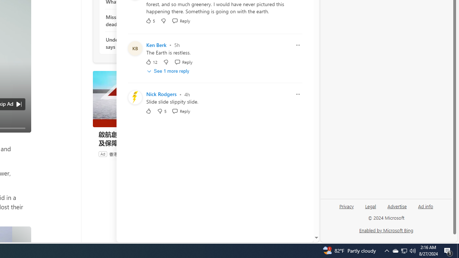  Describe the element at coordinates (298, 94) in the screenshot. I see `'Report comment'` at that location.